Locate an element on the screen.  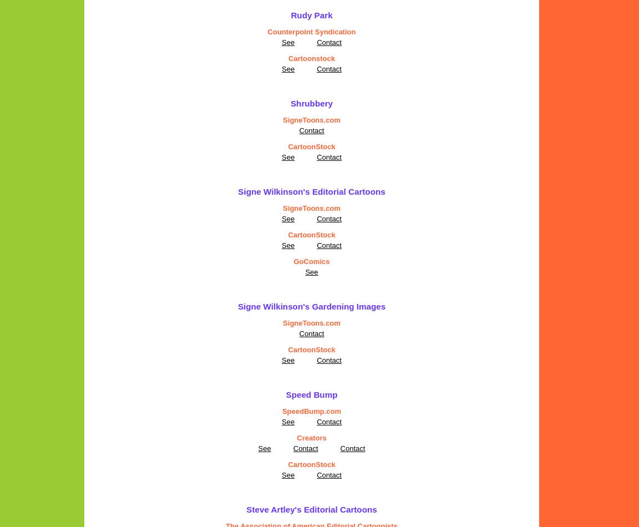
'Signe Wilkinson's Editorial Cartoons' is located at coordinates (311, 191).